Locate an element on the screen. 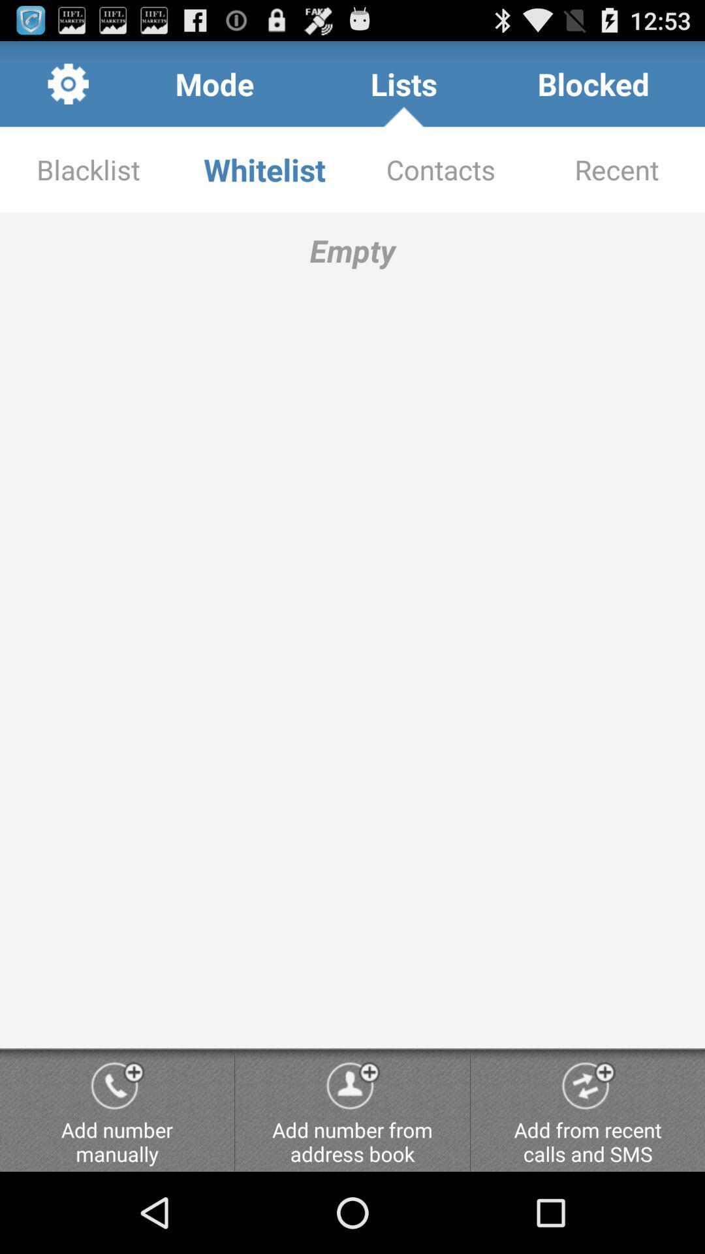 The image size is (705, 1254). the blacklist app is located at coordinates (88, 169).